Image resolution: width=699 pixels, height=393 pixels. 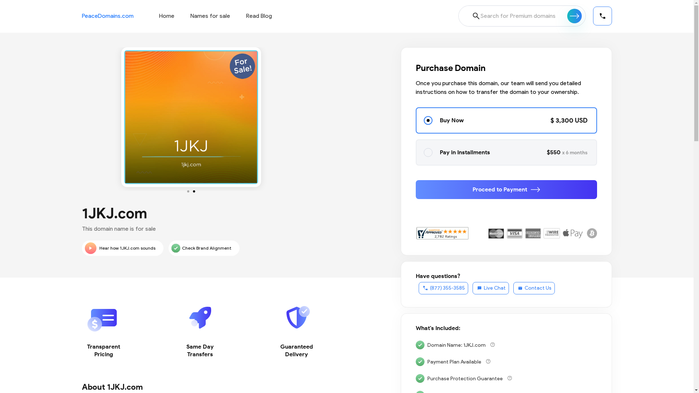 What do you see at coordinates (122, 248) in the screenshot?
I see `'Hear how 1JKJ.com sounds'` at bounding box center [122, 248].